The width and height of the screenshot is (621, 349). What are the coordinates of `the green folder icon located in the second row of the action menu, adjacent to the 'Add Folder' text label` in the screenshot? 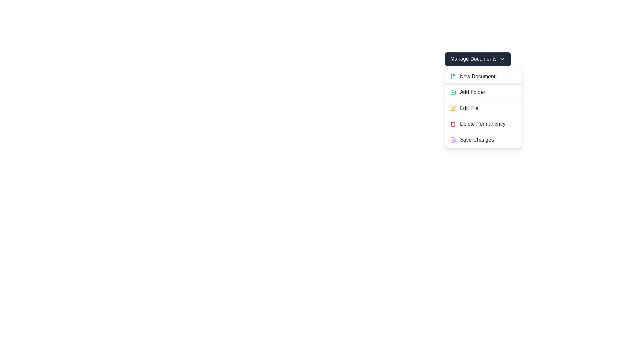 It's located at (452, 92).